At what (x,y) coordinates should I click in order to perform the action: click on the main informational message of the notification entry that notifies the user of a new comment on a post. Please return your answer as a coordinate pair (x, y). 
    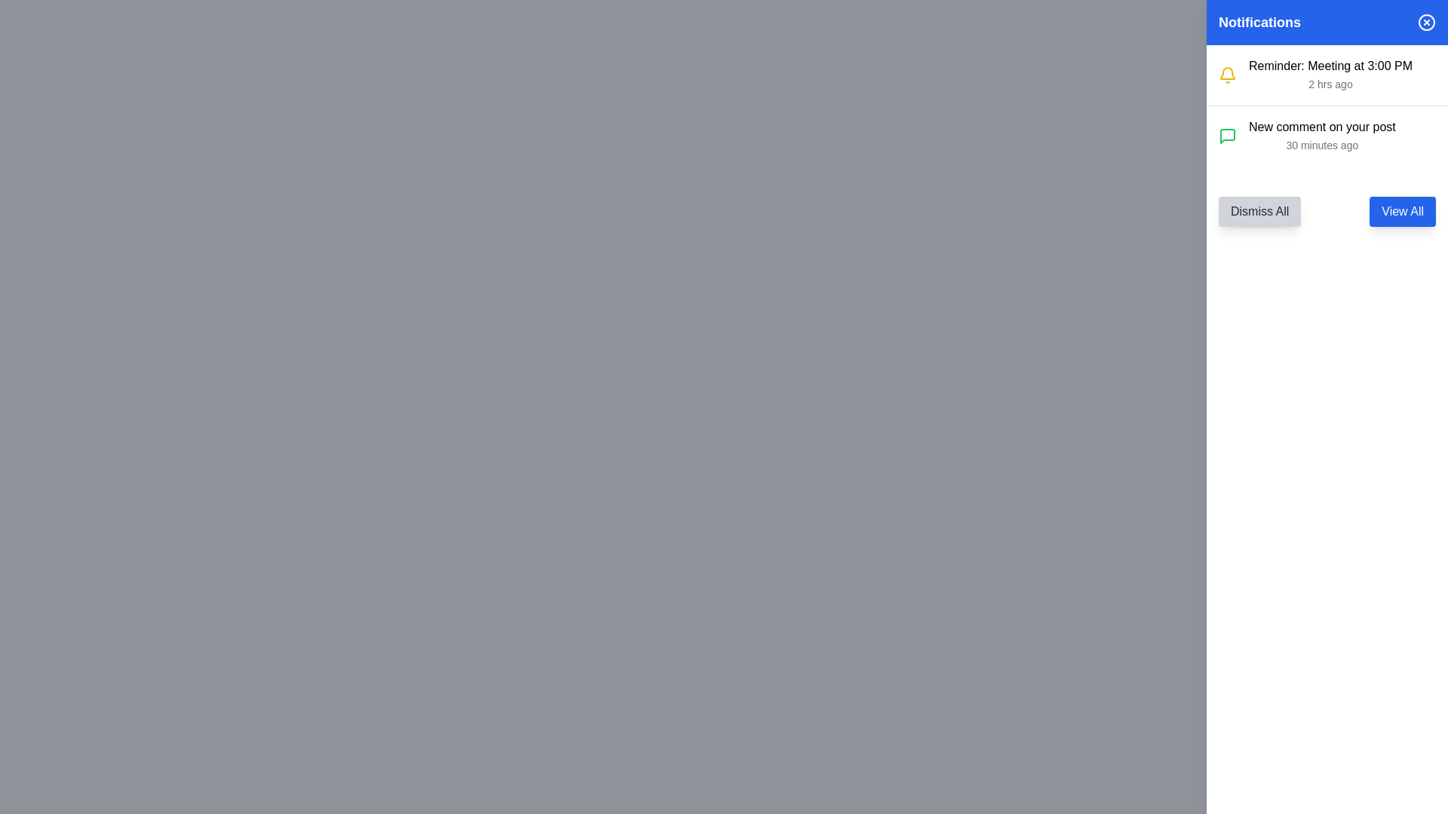
    Looking at the image, I should click on (1321, 127).